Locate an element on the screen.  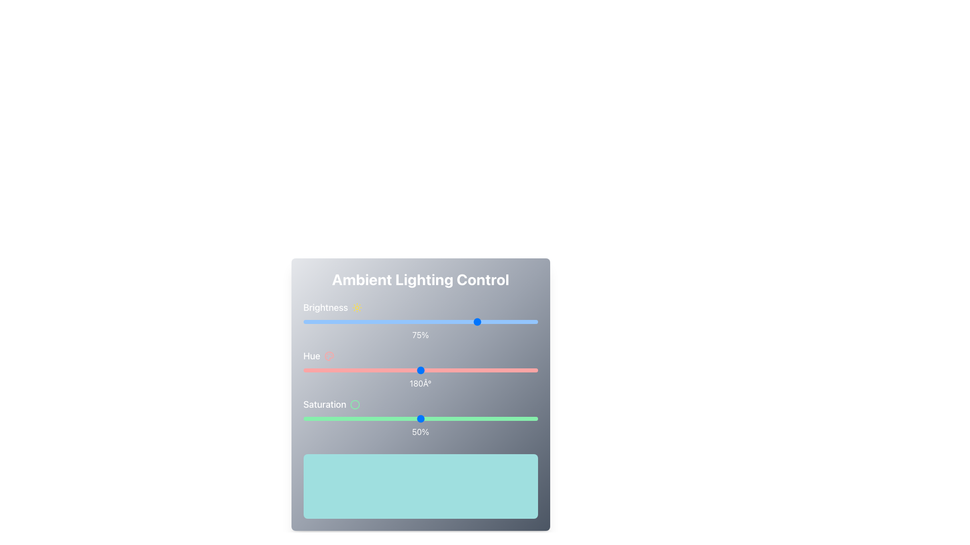
brightness is located at coordinates (464, 321).